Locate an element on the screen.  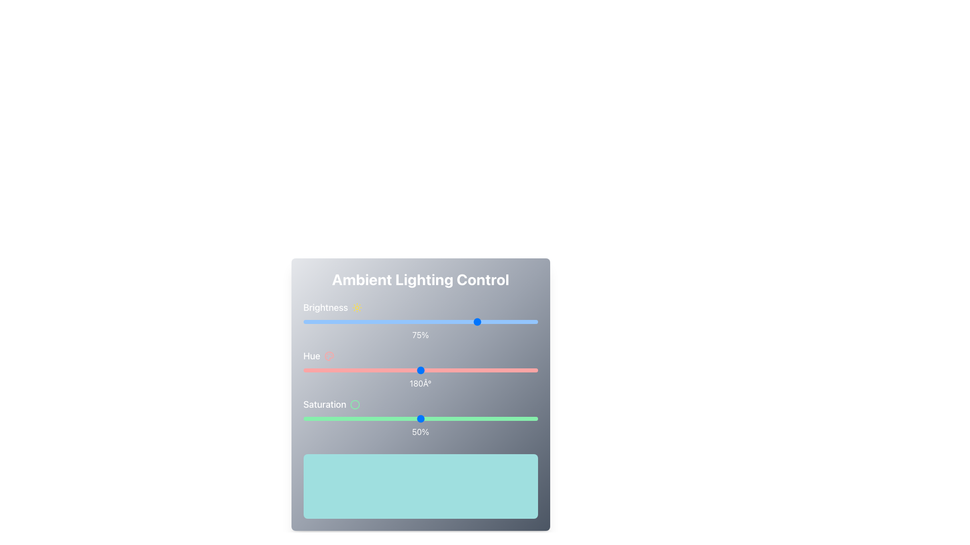
brightness is located at coordinates (464, 321).